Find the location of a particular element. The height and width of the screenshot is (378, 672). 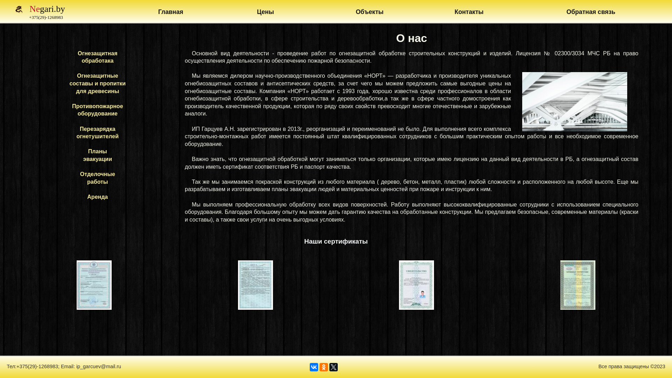

'Twitter' is located at coordinates (329, 367).